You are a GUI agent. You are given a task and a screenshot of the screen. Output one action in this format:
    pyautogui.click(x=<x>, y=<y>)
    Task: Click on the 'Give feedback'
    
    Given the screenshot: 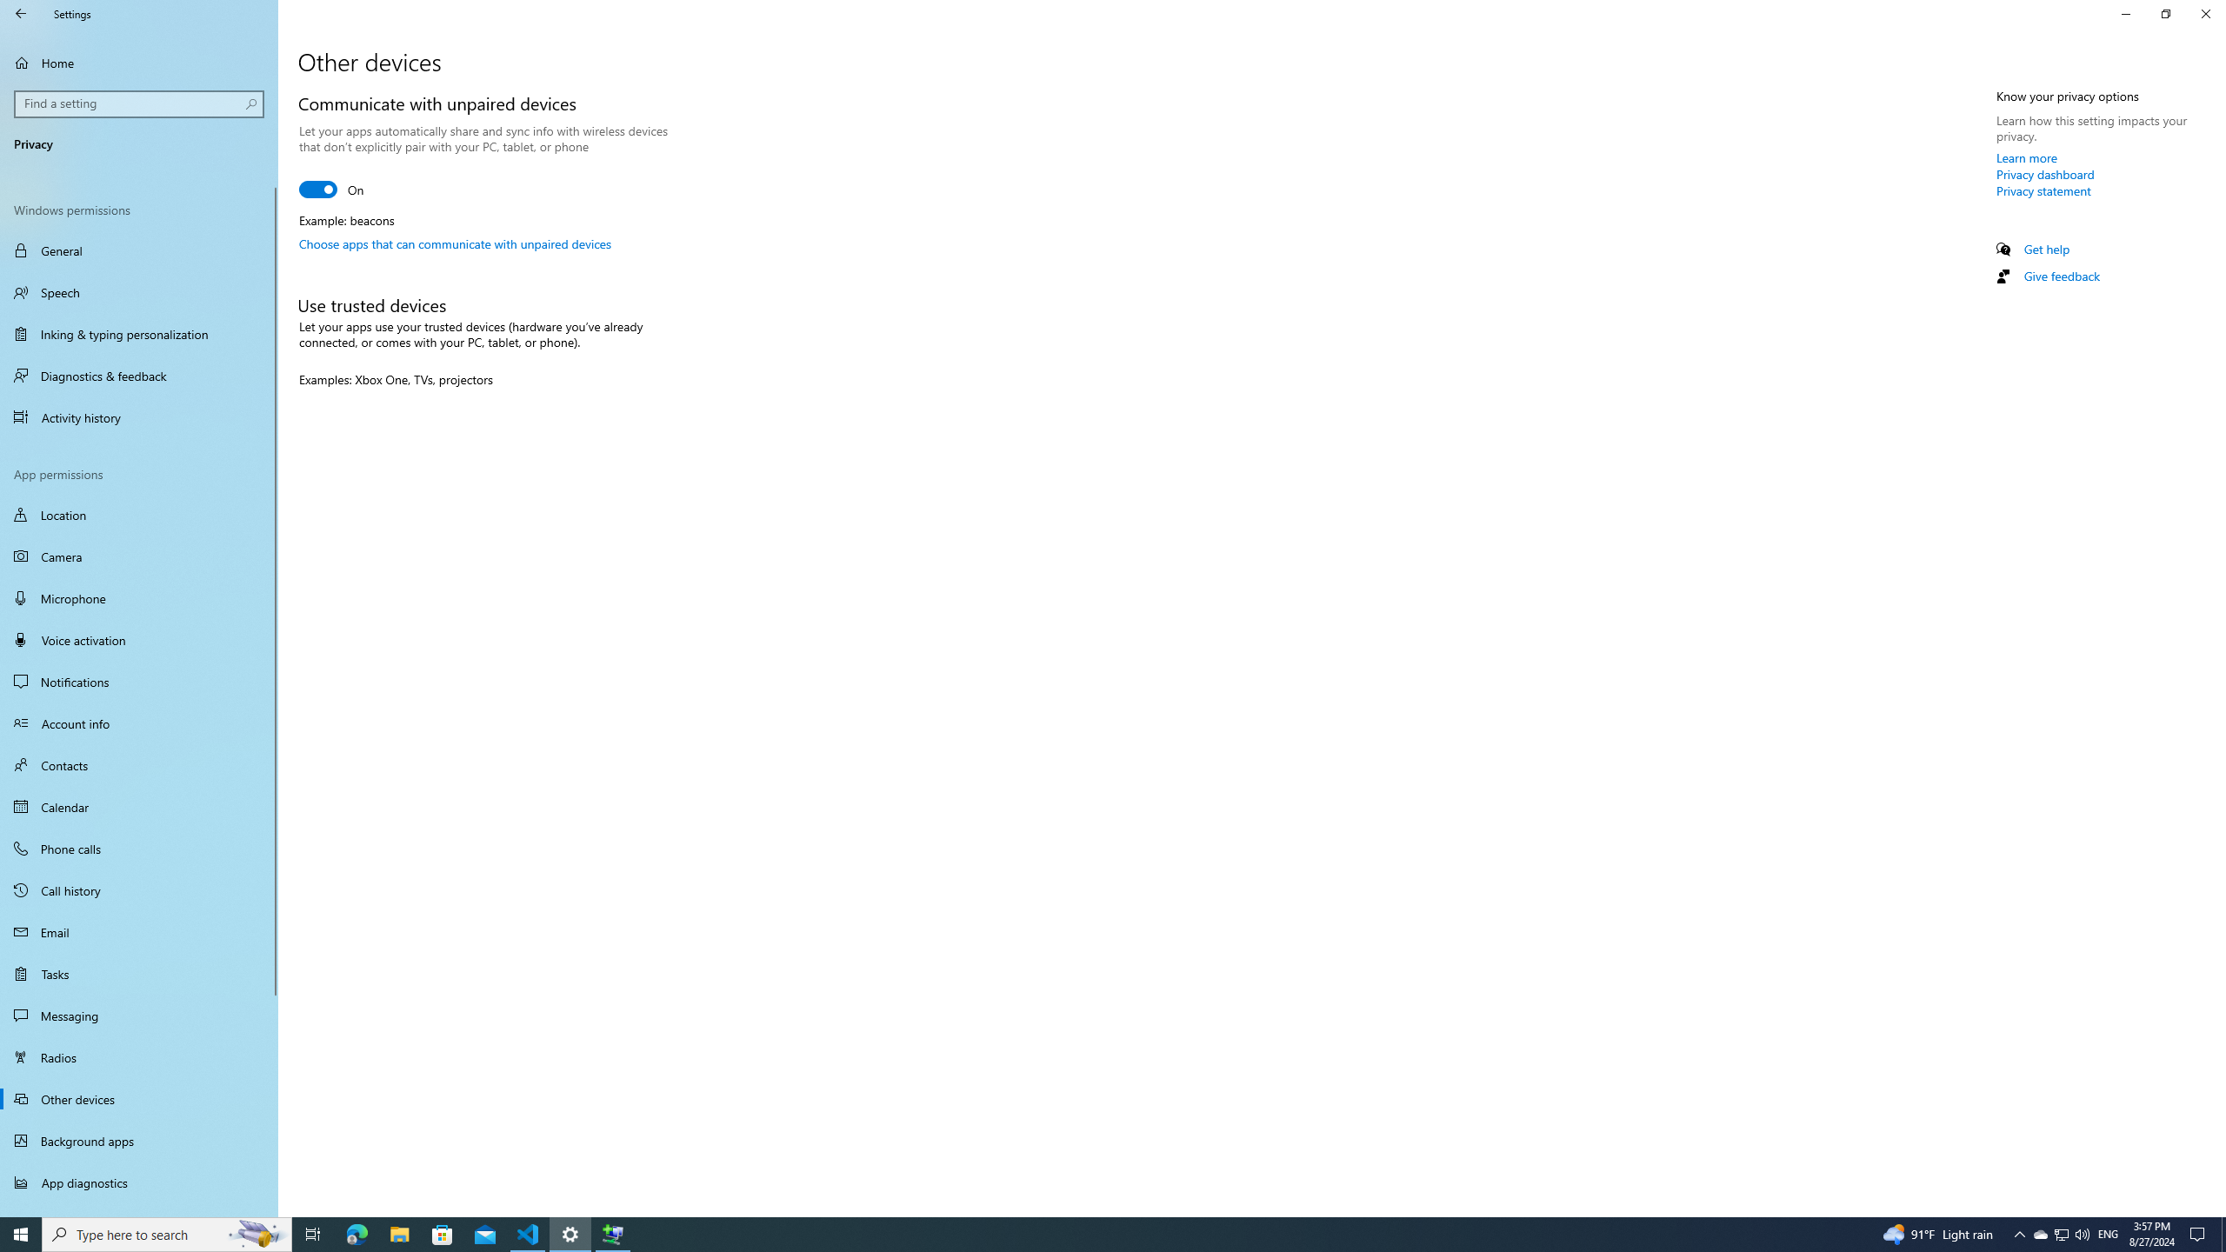 What is the action you would take?
    pyautogui.click(x=2060, y=276)
    